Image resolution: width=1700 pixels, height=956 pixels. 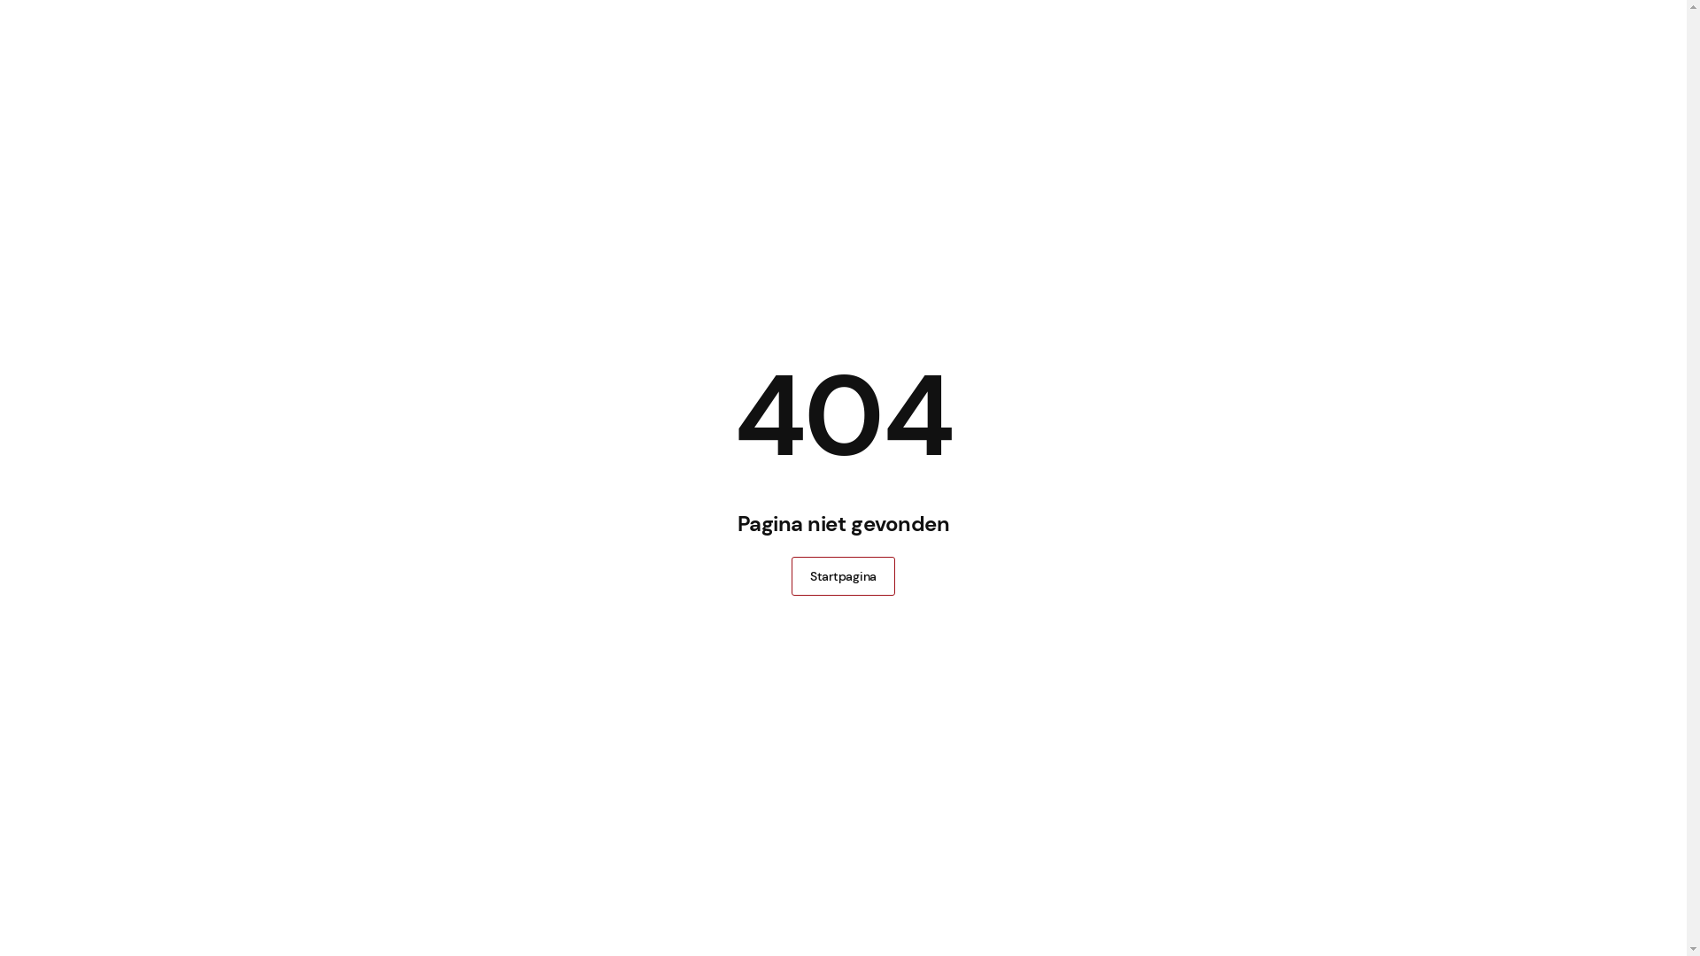 I want to click on 'Startpagina', so click(x=842, y=576).